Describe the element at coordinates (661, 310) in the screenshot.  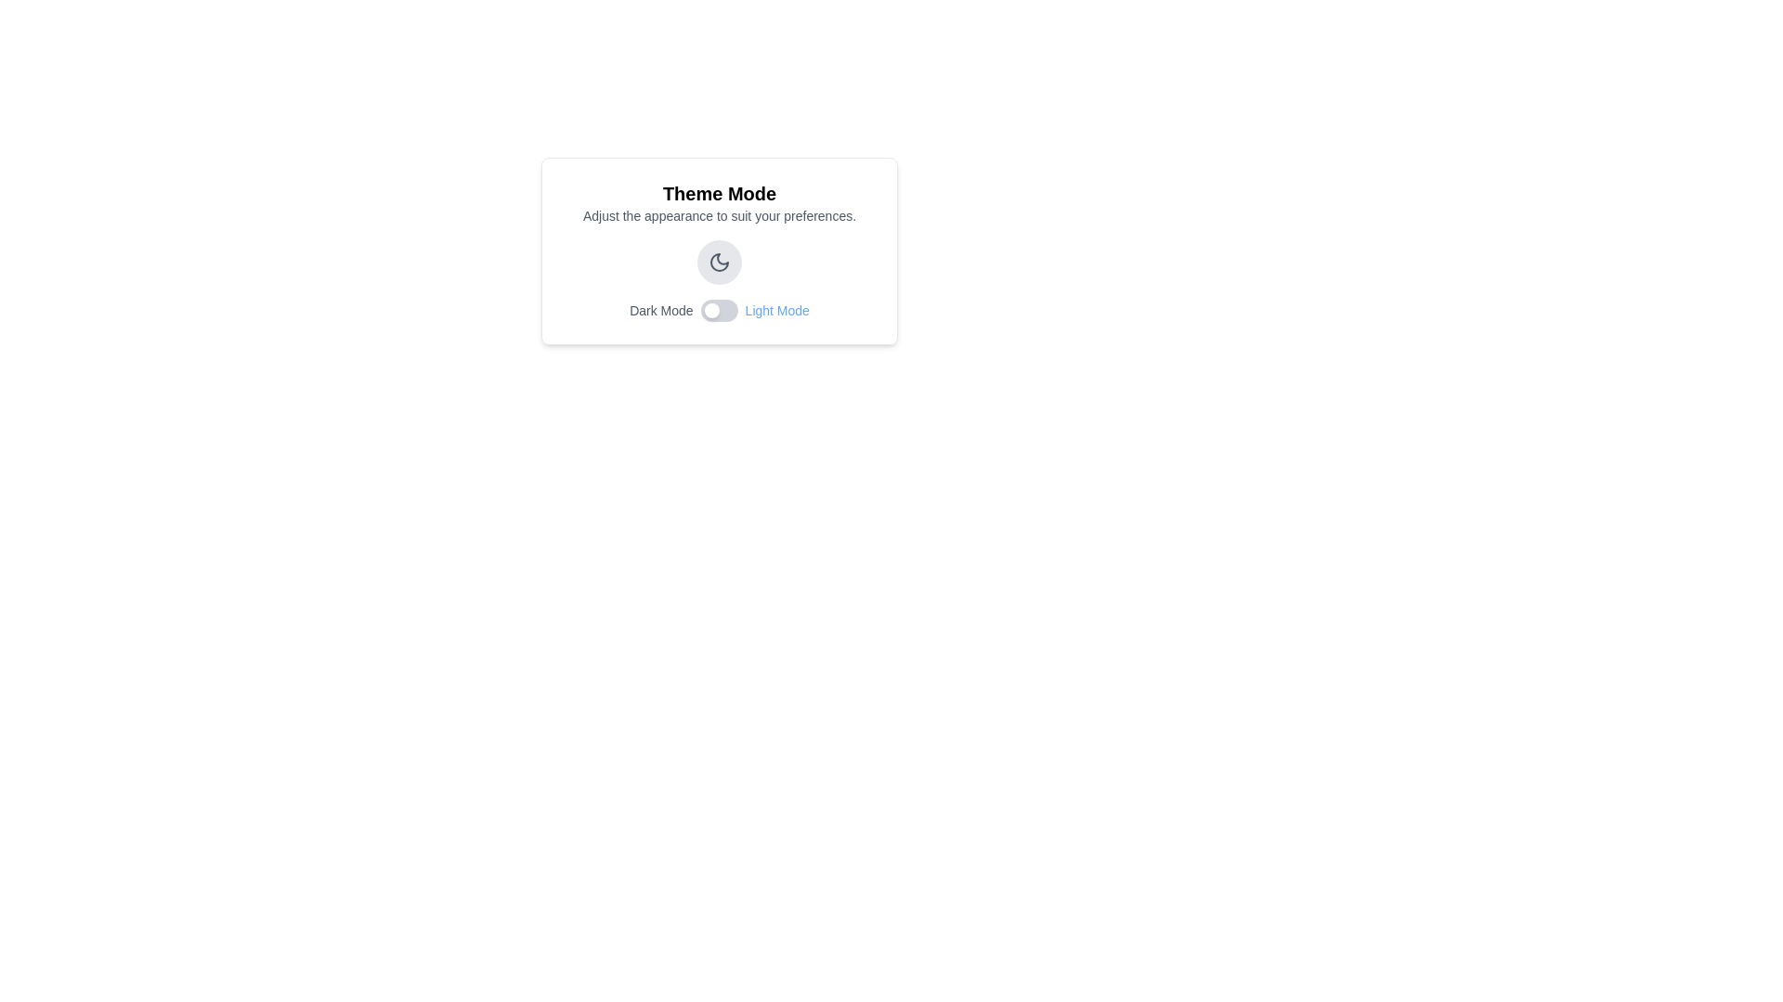
I see `the Static Text element that indicates the current or selectable state related to dark mode, positioned at the left end of the theme mode toggle interface` at that location.